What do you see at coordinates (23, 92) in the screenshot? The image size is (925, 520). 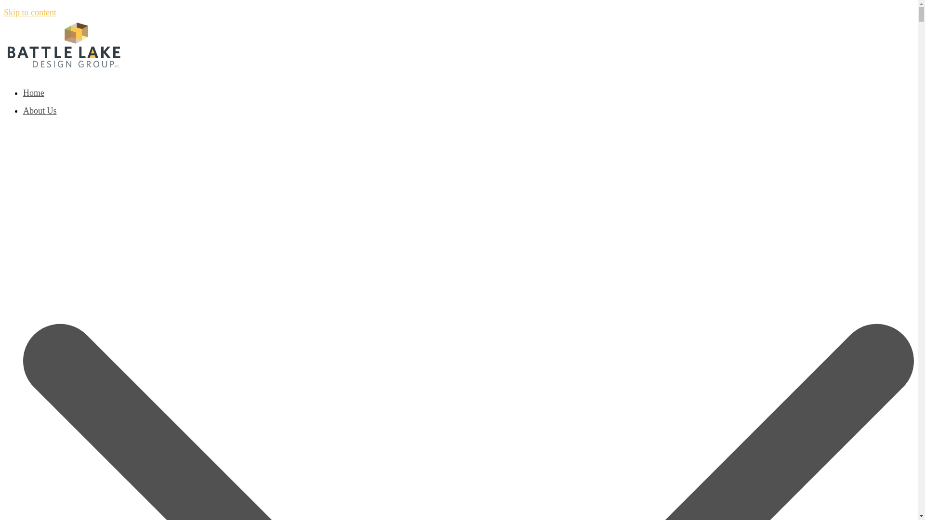 I see `'Home'` at bounding box center [23, 92].